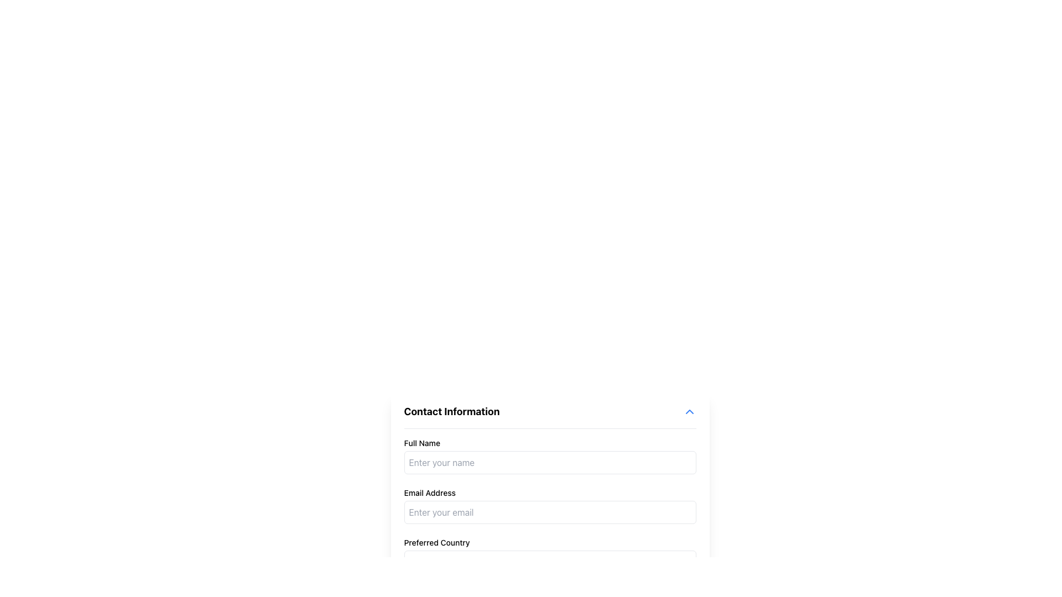 The image size is (1062, 597). I want to click on an option from the dropdown menu located beneath the label 'Preferred Country' in the 'Contact Information' section, so click(550, 561).